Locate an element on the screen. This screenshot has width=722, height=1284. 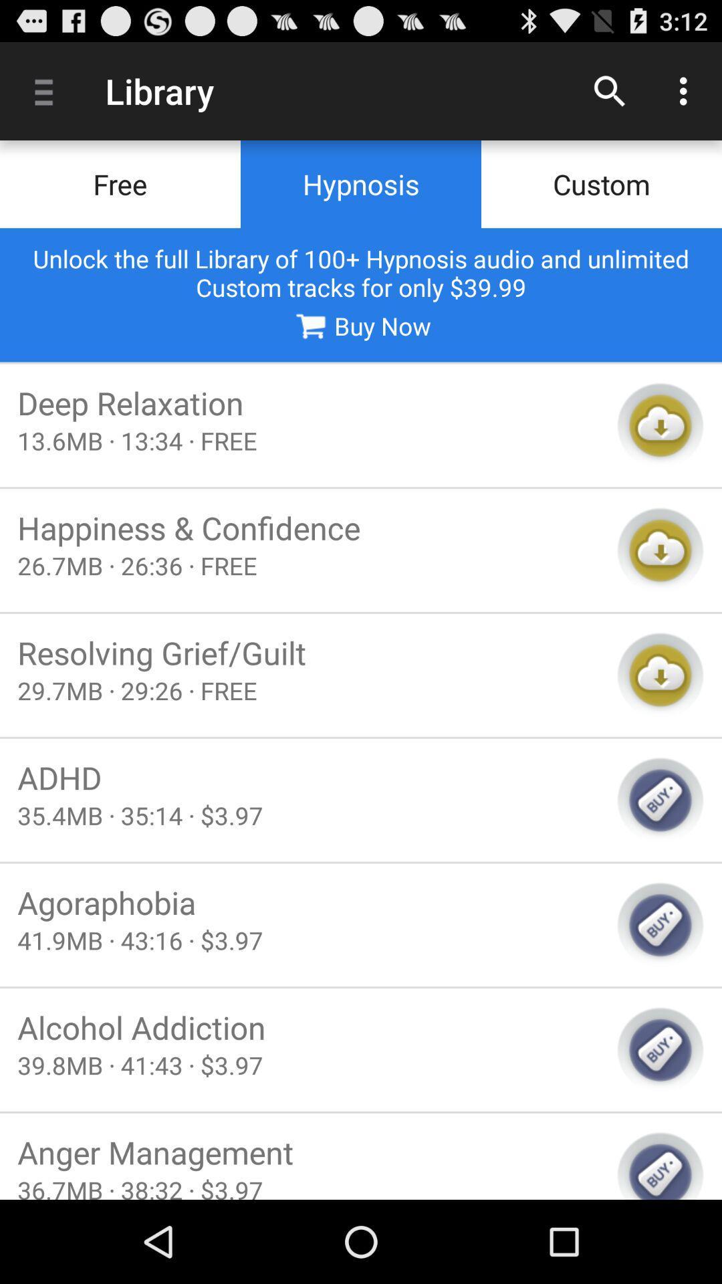
buy now icon is located at coordinates (360, 326).